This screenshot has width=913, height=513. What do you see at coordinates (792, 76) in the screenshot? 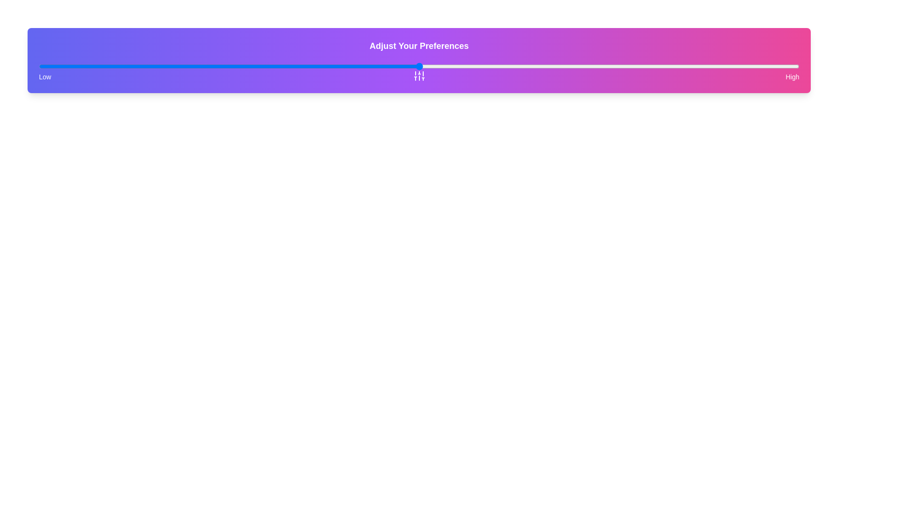
I see `the 'High' text label located on the far right end of the 'LowHigh' scale bar, adjacent to the 'Low' text` at bounding box center [792, 76].